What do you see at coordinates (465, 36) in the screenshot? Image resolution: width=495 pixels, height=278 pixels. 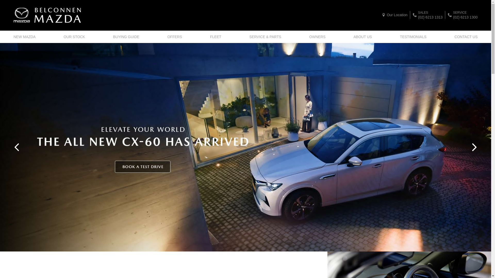 I see `'CONTACT US'` at bounding box center [465, 36].